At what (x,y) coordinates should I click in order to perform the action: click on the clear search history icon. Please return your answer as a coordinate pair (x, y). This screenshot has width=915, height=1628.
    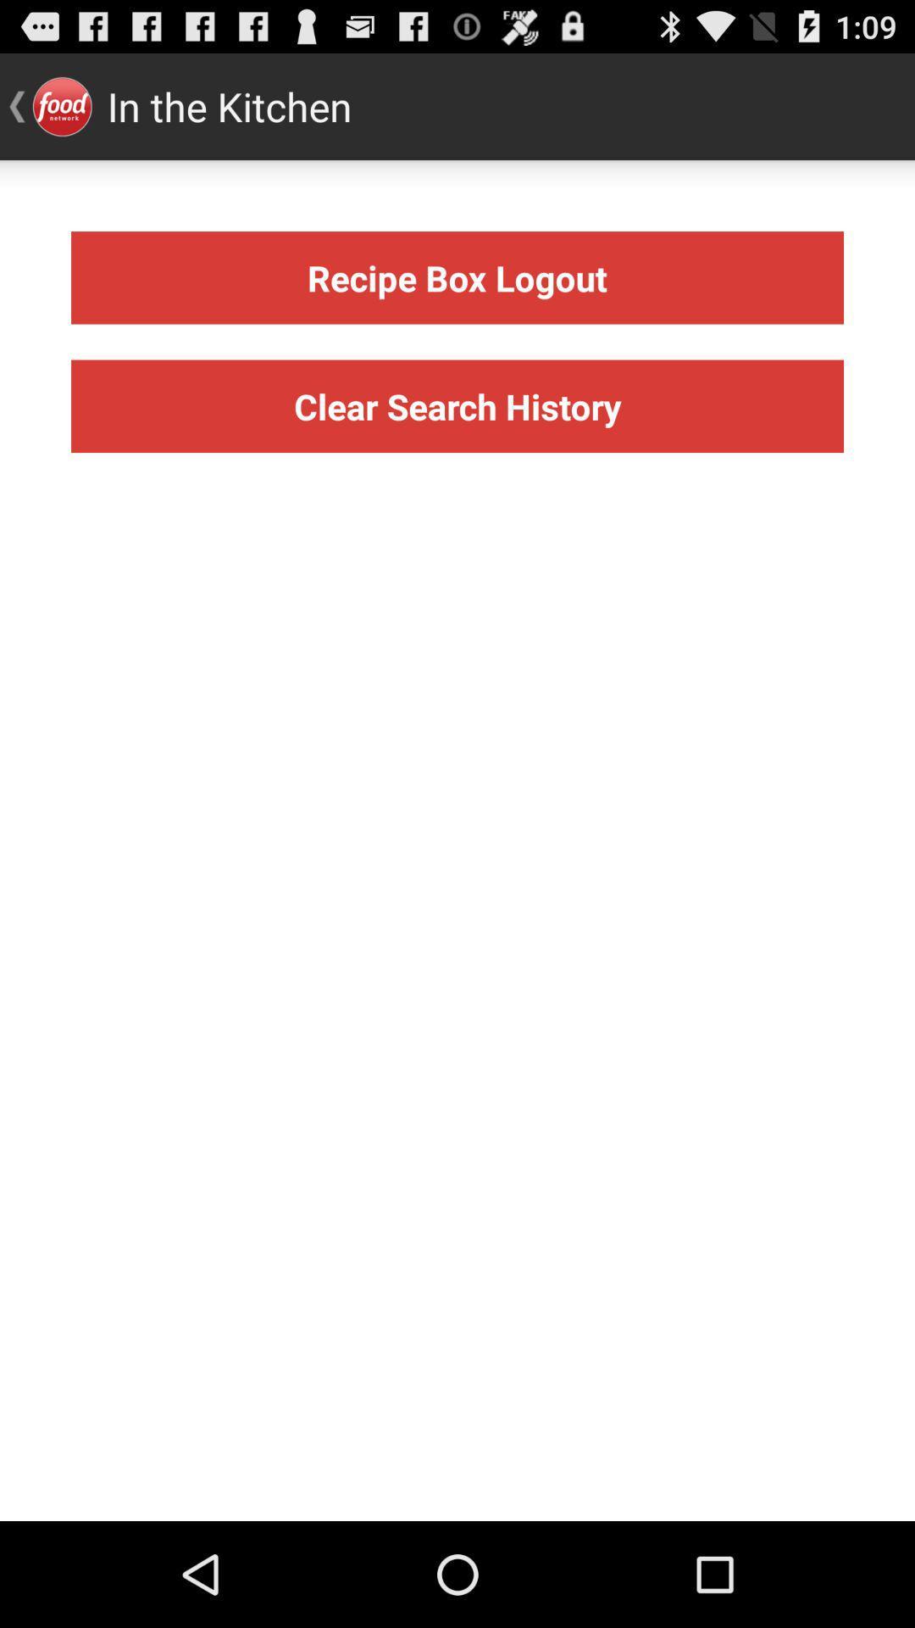
    Looking at the image, I should click on (457, 405).